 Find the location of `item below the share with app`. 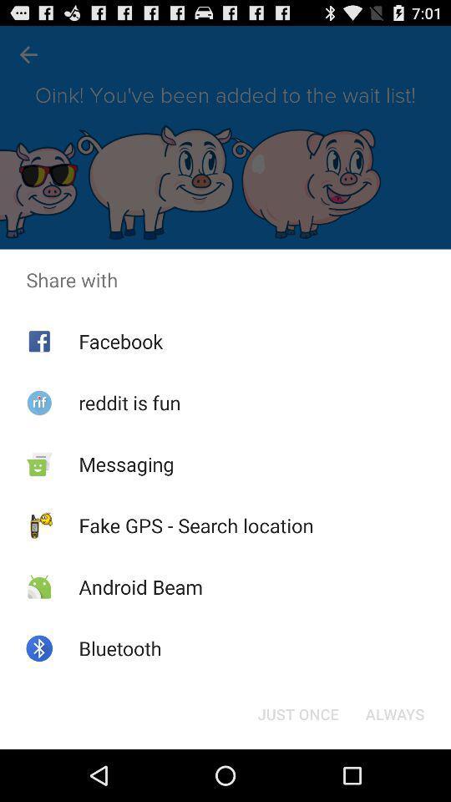

item below the share with app is located at coordinates (394, 713).